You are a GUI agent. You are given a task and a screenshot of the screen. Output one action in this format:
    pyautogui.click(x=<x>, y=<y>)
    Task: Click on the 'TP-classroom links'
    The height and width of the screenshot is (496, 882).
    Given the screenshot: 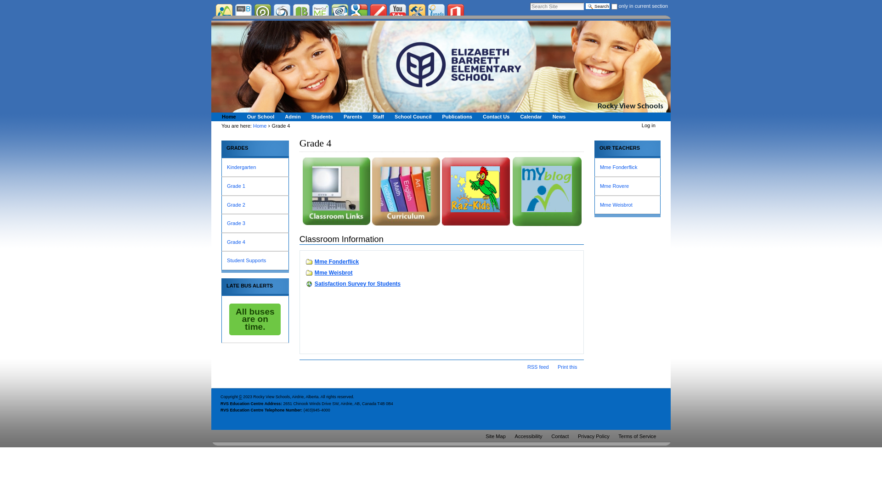 What is the action you would take?
    pyautogui.click(x=302, y=191)
    